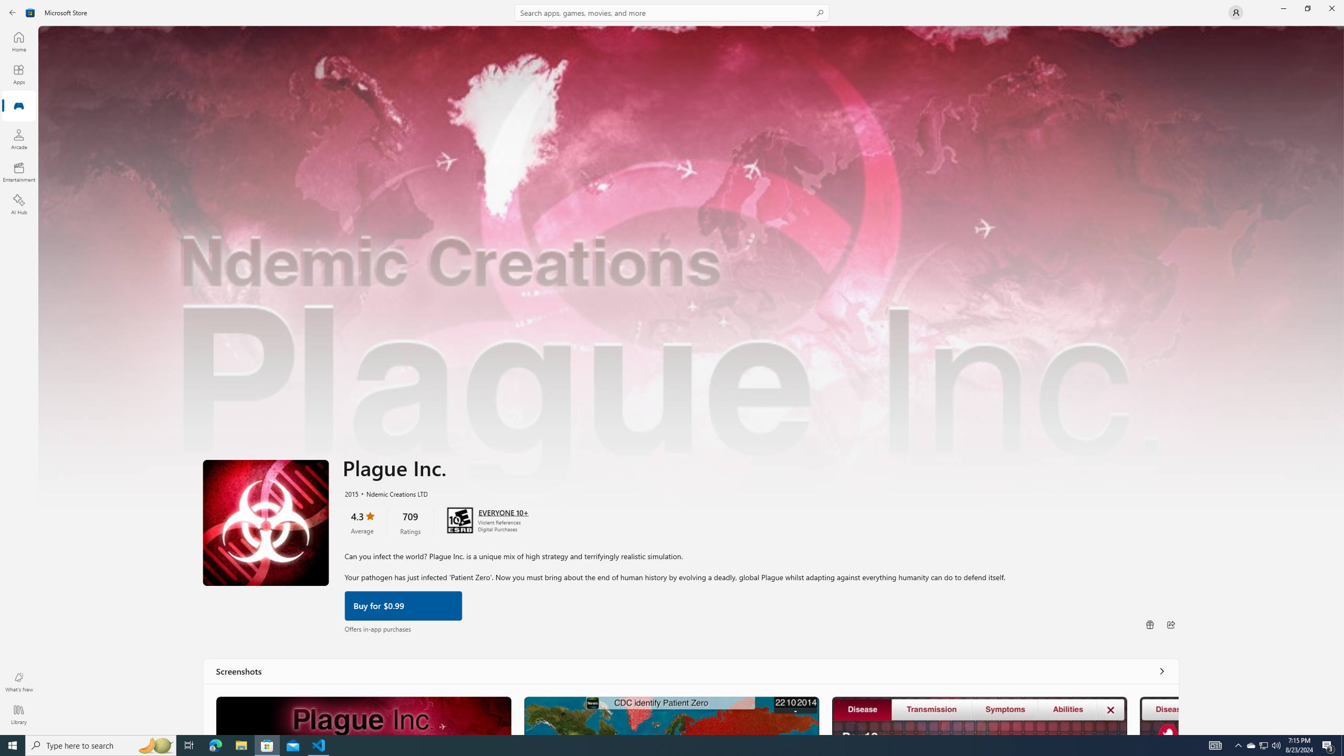 Image resolution: width=1344 pixels, height=756 pixels. What do you see at coordinates (502, 511) in the screenshot?
I see `'Age rating: EVERYONE 10+. Click for more information.'` at bounding box center [502, 511].